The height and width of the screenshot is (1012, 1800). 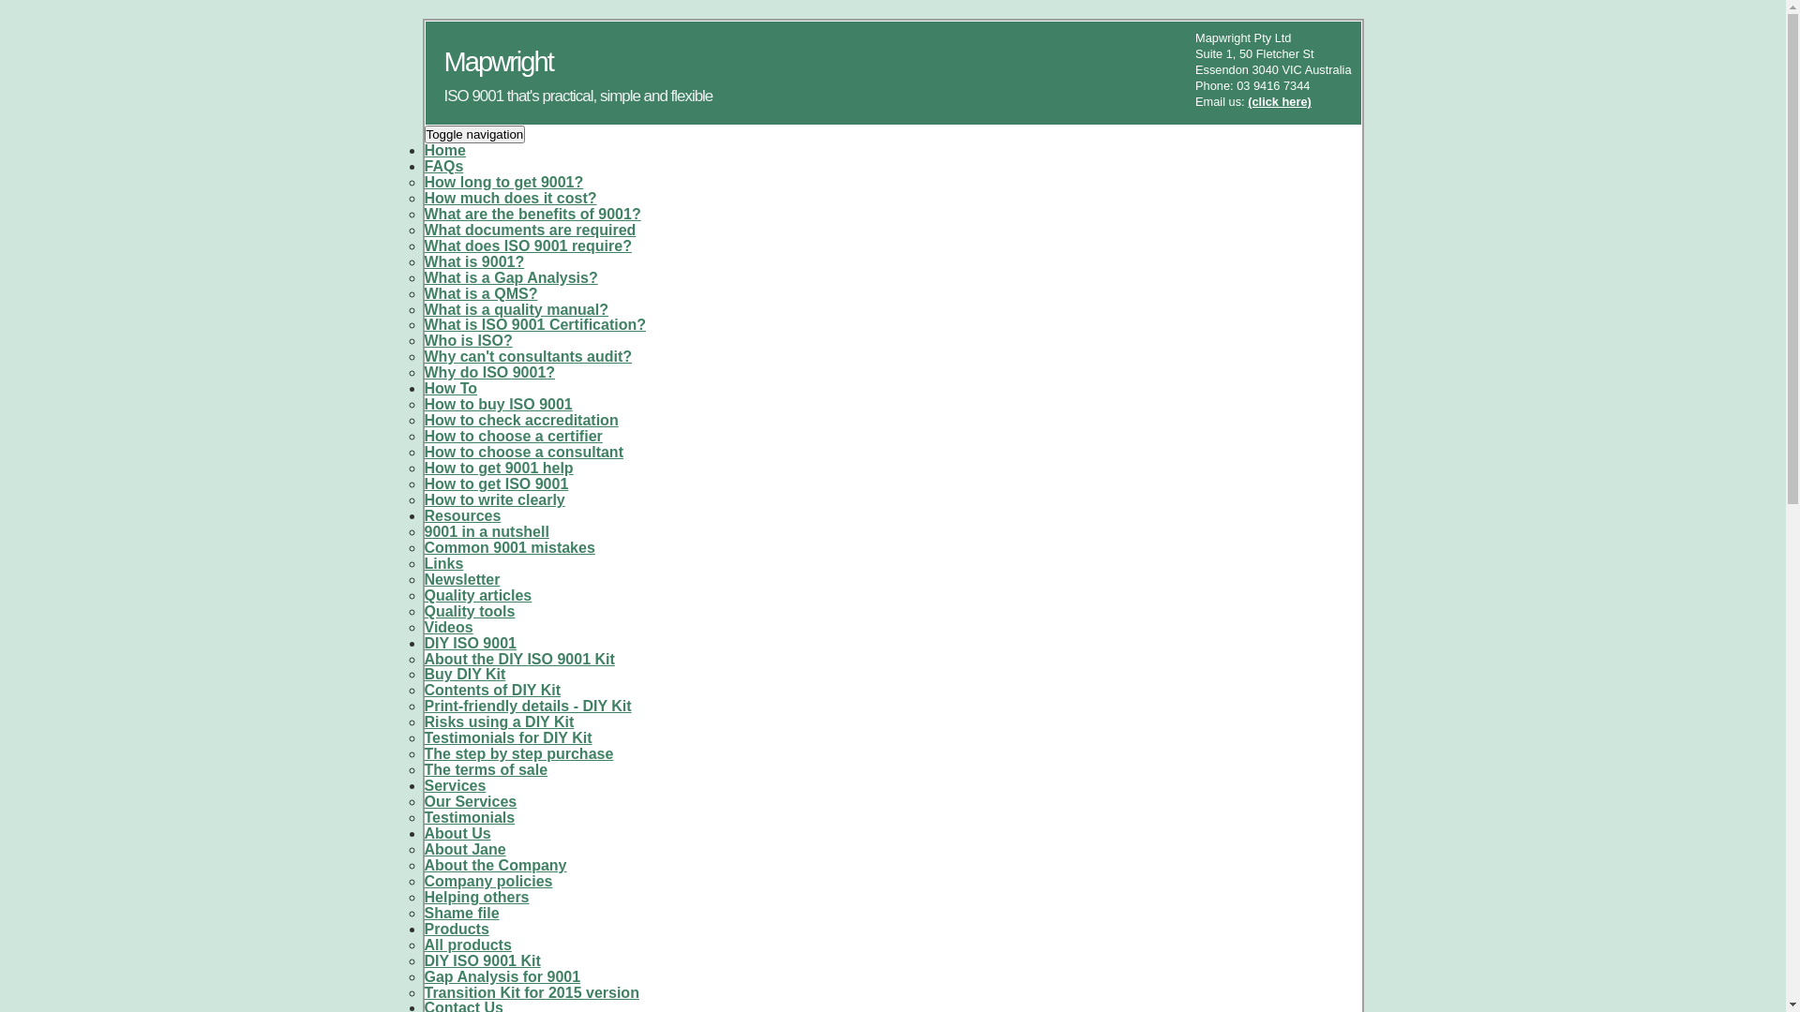 What do you see at coordinates (473, 133) in the screenshot?
I see `'Toggle navigation'` at bounding box center [473, 133].